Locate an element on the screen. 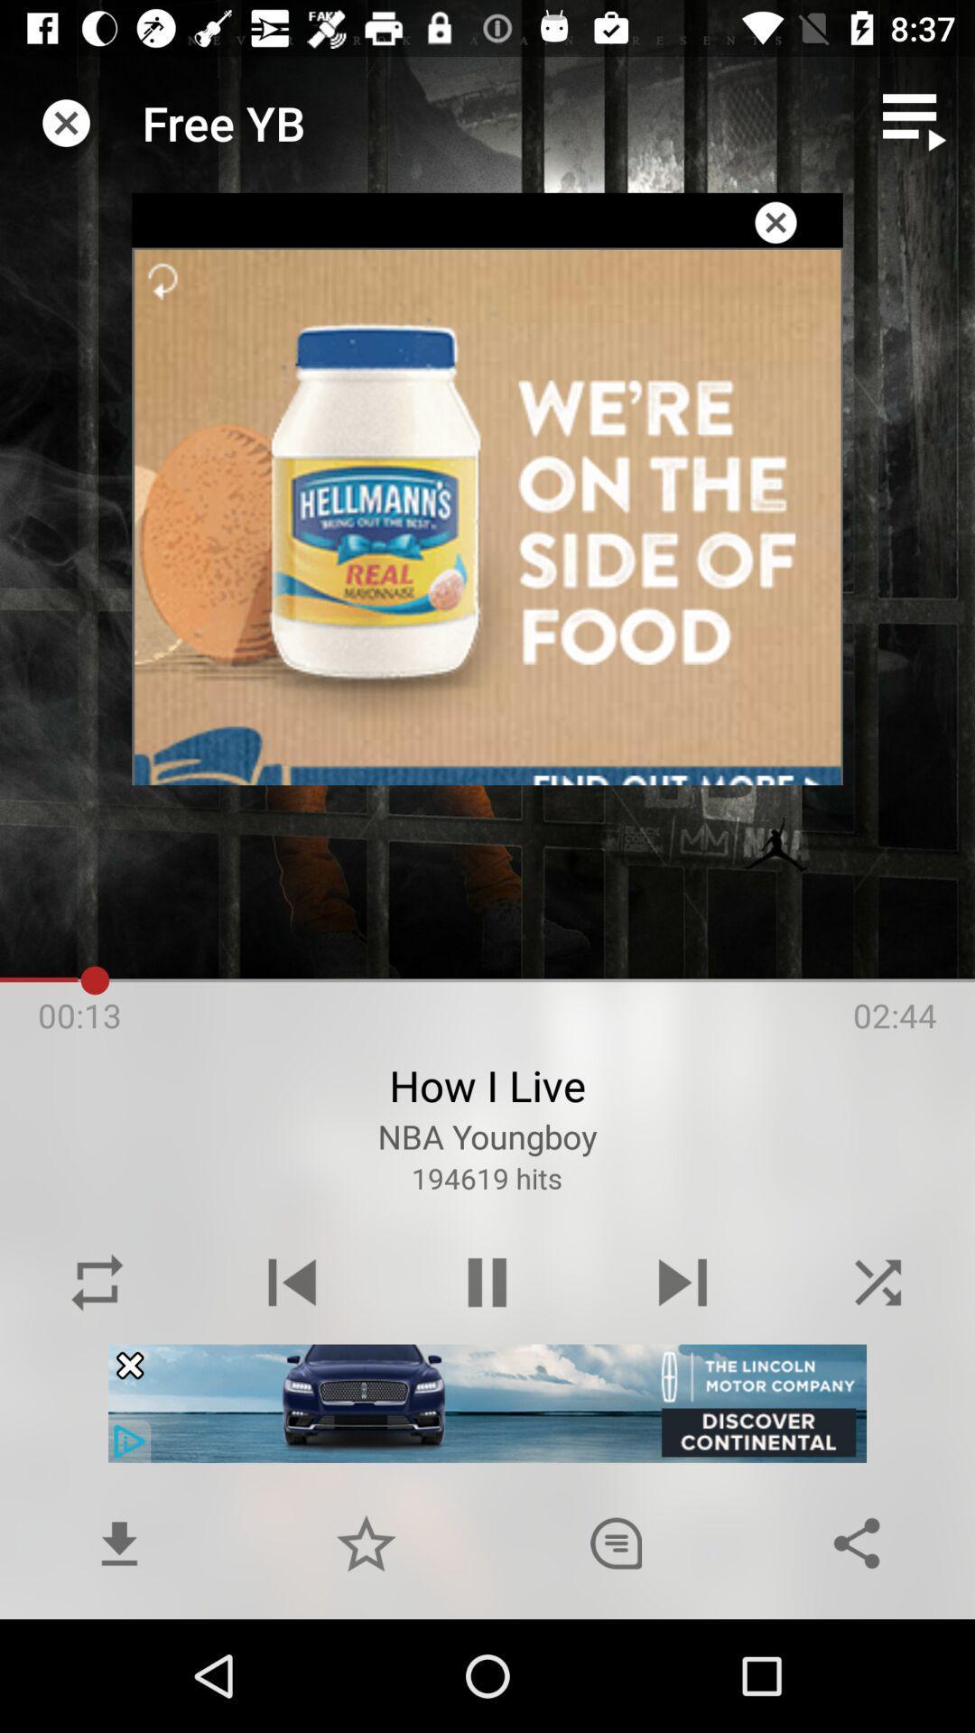 Image resolution: width=975 pixels, height=1733 pixels. the pause icon is located at coordinates (487, 1282).